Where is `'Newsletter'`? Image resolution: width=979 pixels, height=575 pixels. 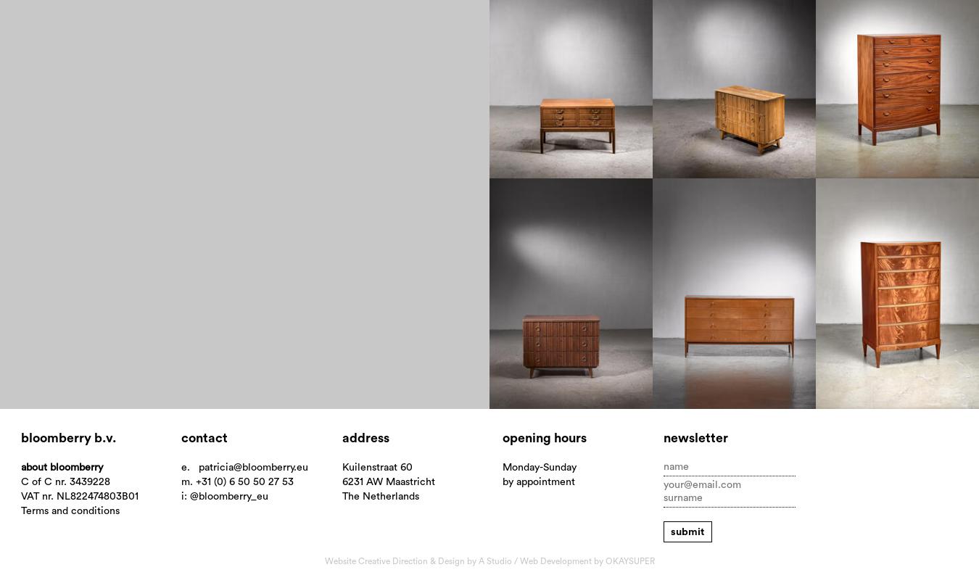 'Newsletter' is located at coordinates (694, 437).